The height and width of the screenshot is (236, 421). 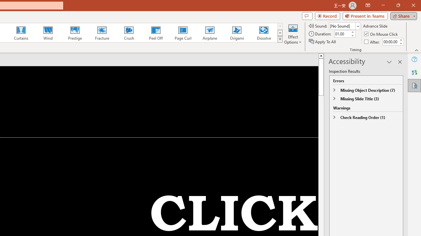 I want to click on 'More', so click(x=400, y=40).